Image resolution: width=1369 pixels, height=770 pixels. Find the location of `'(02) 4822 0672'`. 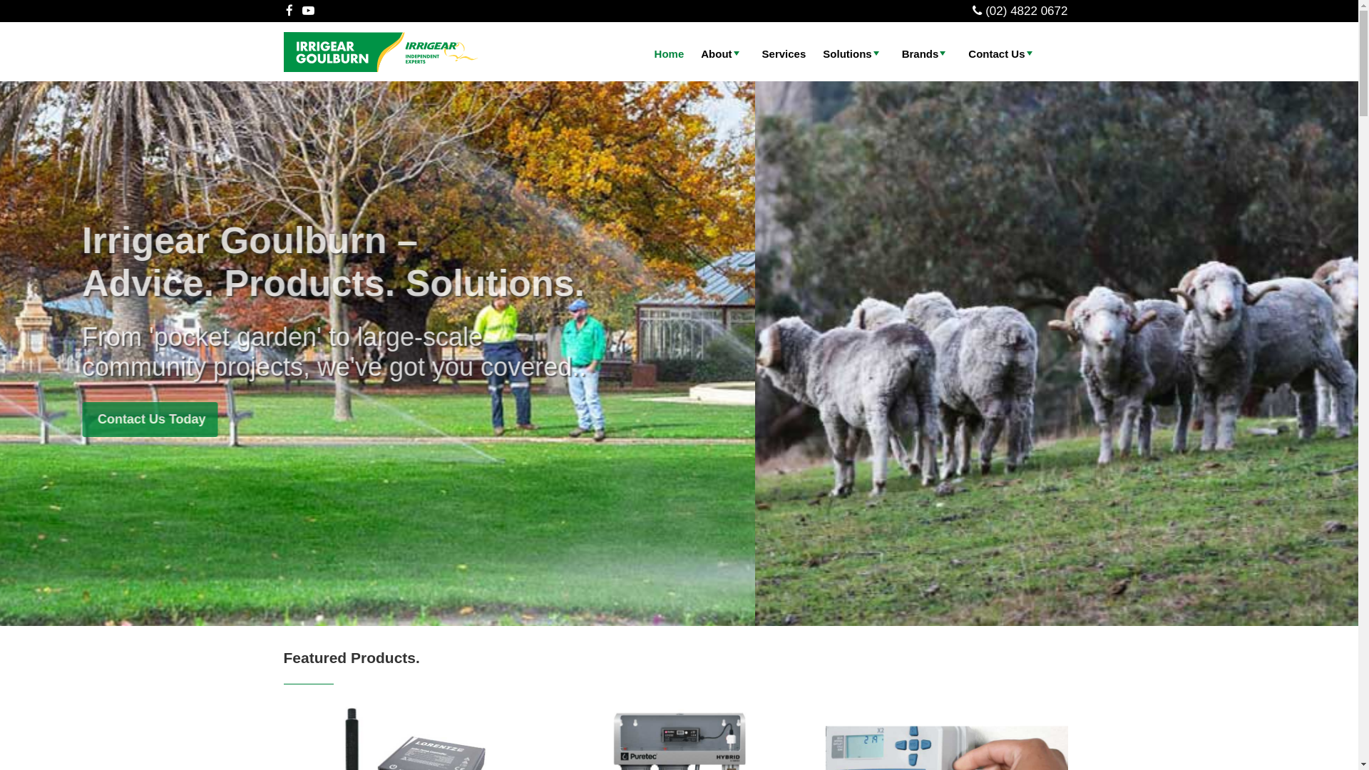

'(02) 4822 0672' is located at coordinates (1025, 11).